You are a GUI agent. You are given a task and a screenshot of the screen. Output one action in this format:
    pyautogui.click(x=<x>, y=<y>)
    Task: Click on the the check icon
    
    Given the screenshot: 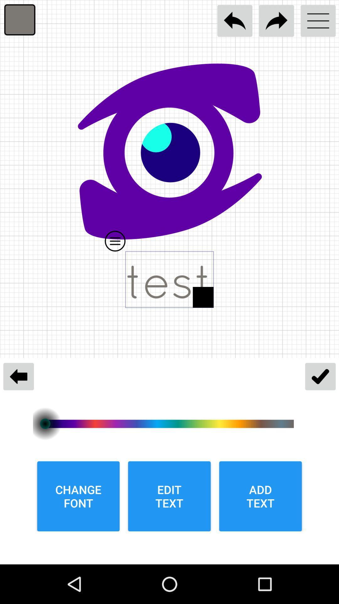 What is the action you would take?
    pyautogui.click(x=320, y=376)
    